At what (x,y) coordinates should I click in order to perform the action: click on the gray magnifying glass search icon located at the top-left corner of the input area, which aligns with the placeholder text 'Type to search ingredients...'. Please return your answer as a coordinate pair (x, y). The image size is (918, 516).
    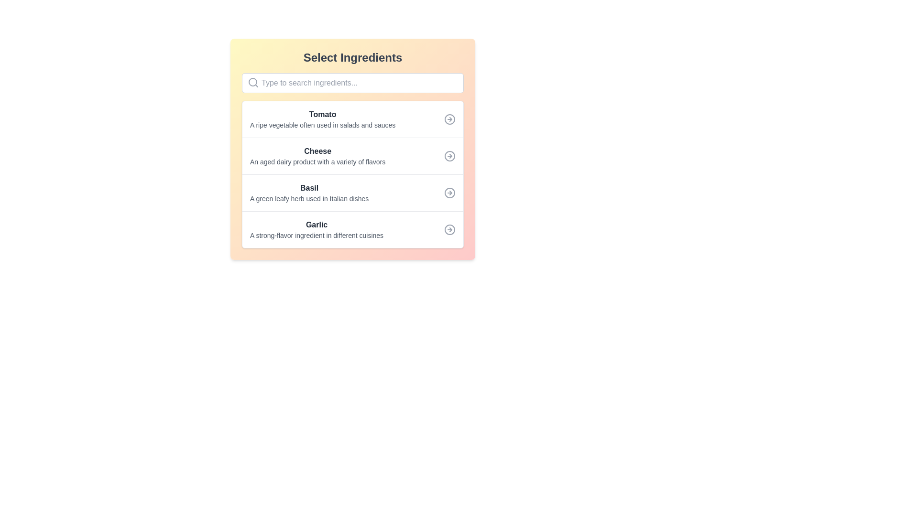
    Looking at the image, I should click on (253, 82).